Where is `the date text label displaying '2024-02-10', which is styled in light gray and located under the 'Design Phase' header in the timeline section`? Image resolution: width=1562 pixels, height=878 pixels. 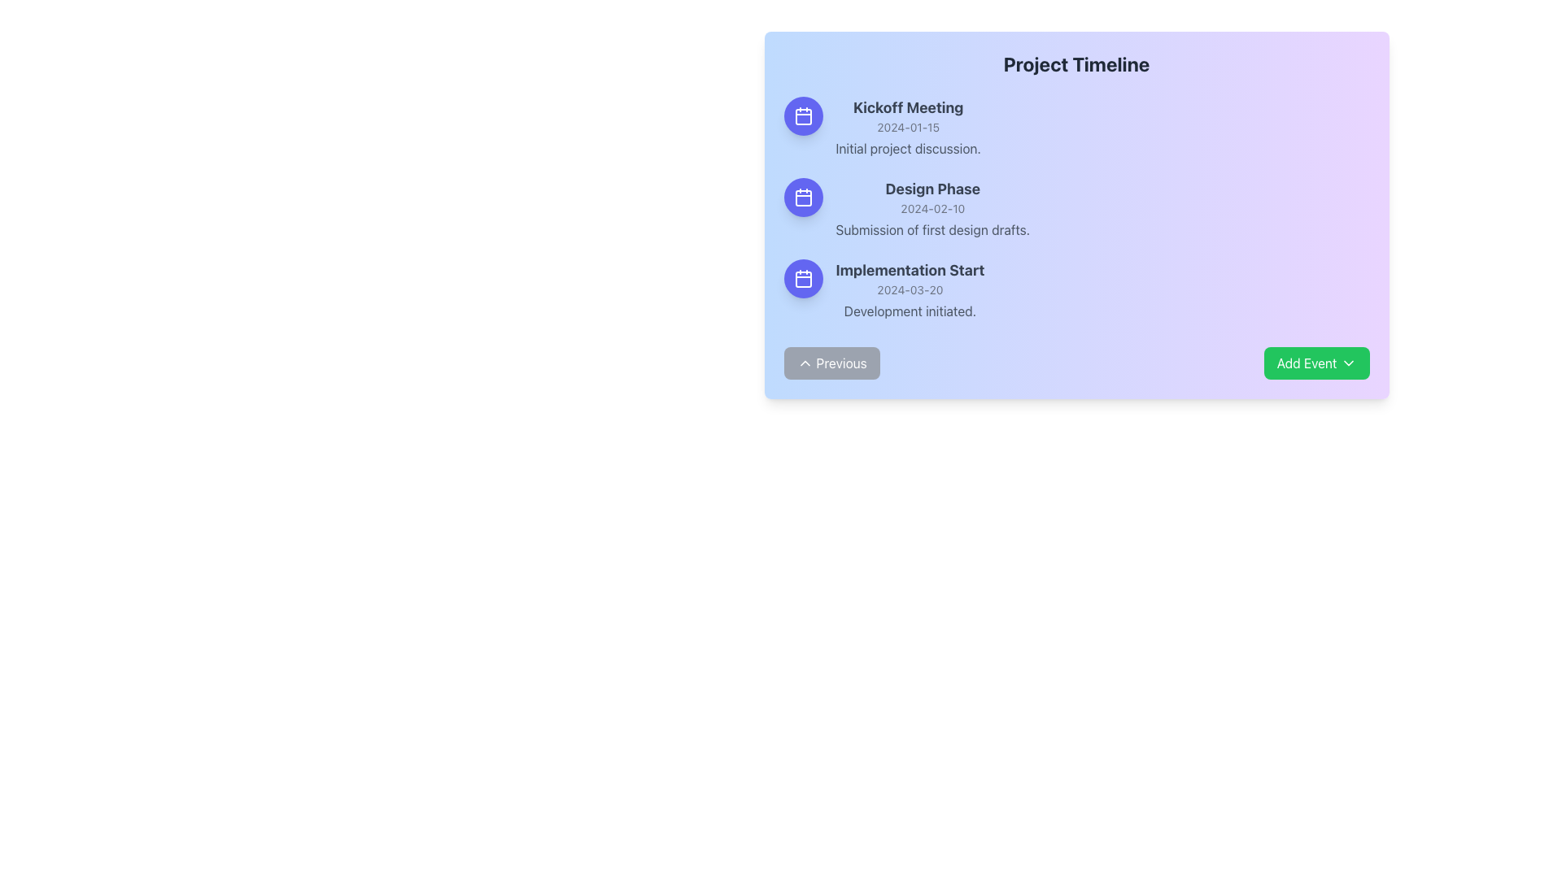
the date text label displaying '2024-02-10', which is styled in light gray and located under the 'Design Phase' header in the timeline section is located at coordinates (932, 208).